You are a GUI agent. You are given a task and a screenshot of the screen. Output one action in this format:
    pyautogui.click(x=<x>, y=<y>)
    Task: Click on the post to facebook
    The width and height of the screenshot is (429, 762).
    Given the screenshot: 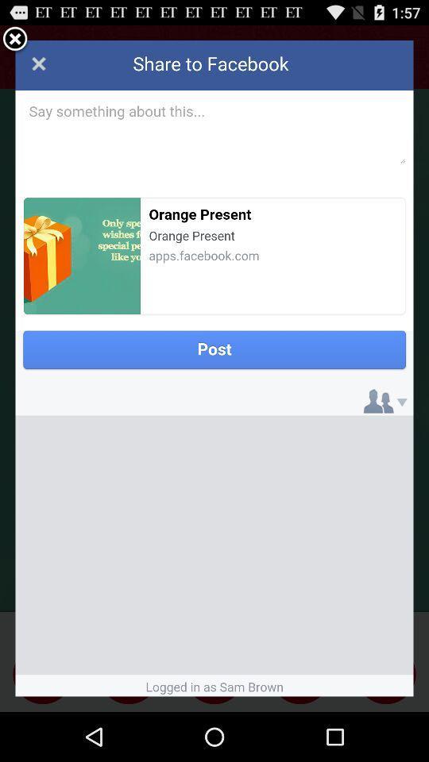 What is the action you would take?
    pyautogui.click(x=214, y=368)
    